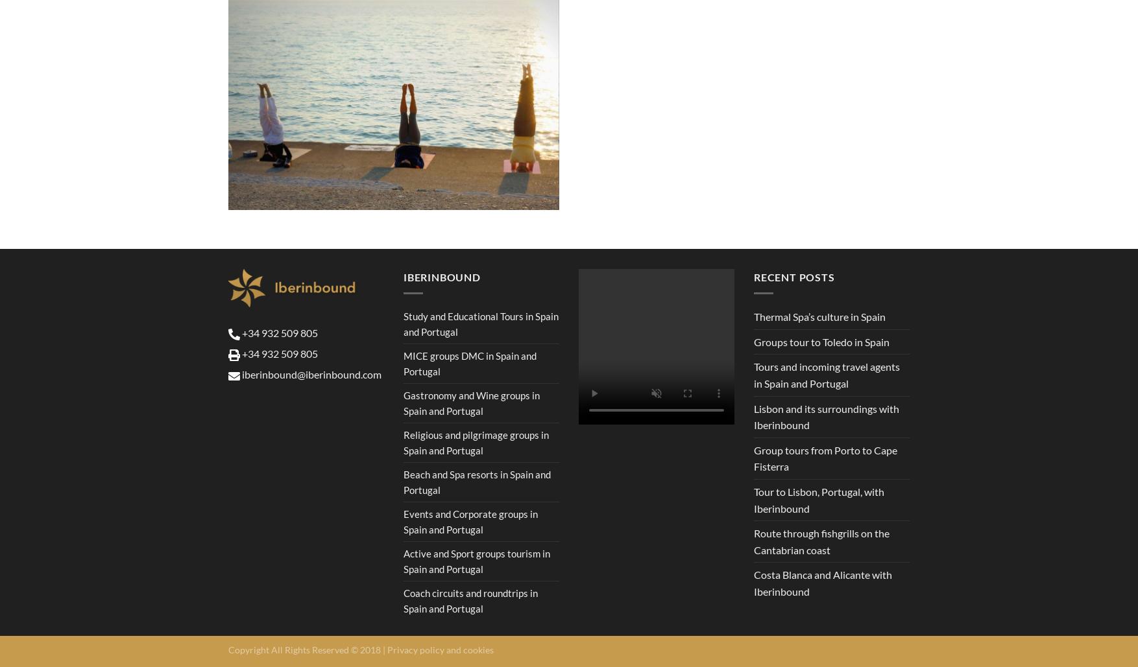  What do you see at coordinates (476, 442) in the screenshot?
I see `'Religious and pilgrimage groups in Spain and Portugal'` at bounding box center [476, 442].